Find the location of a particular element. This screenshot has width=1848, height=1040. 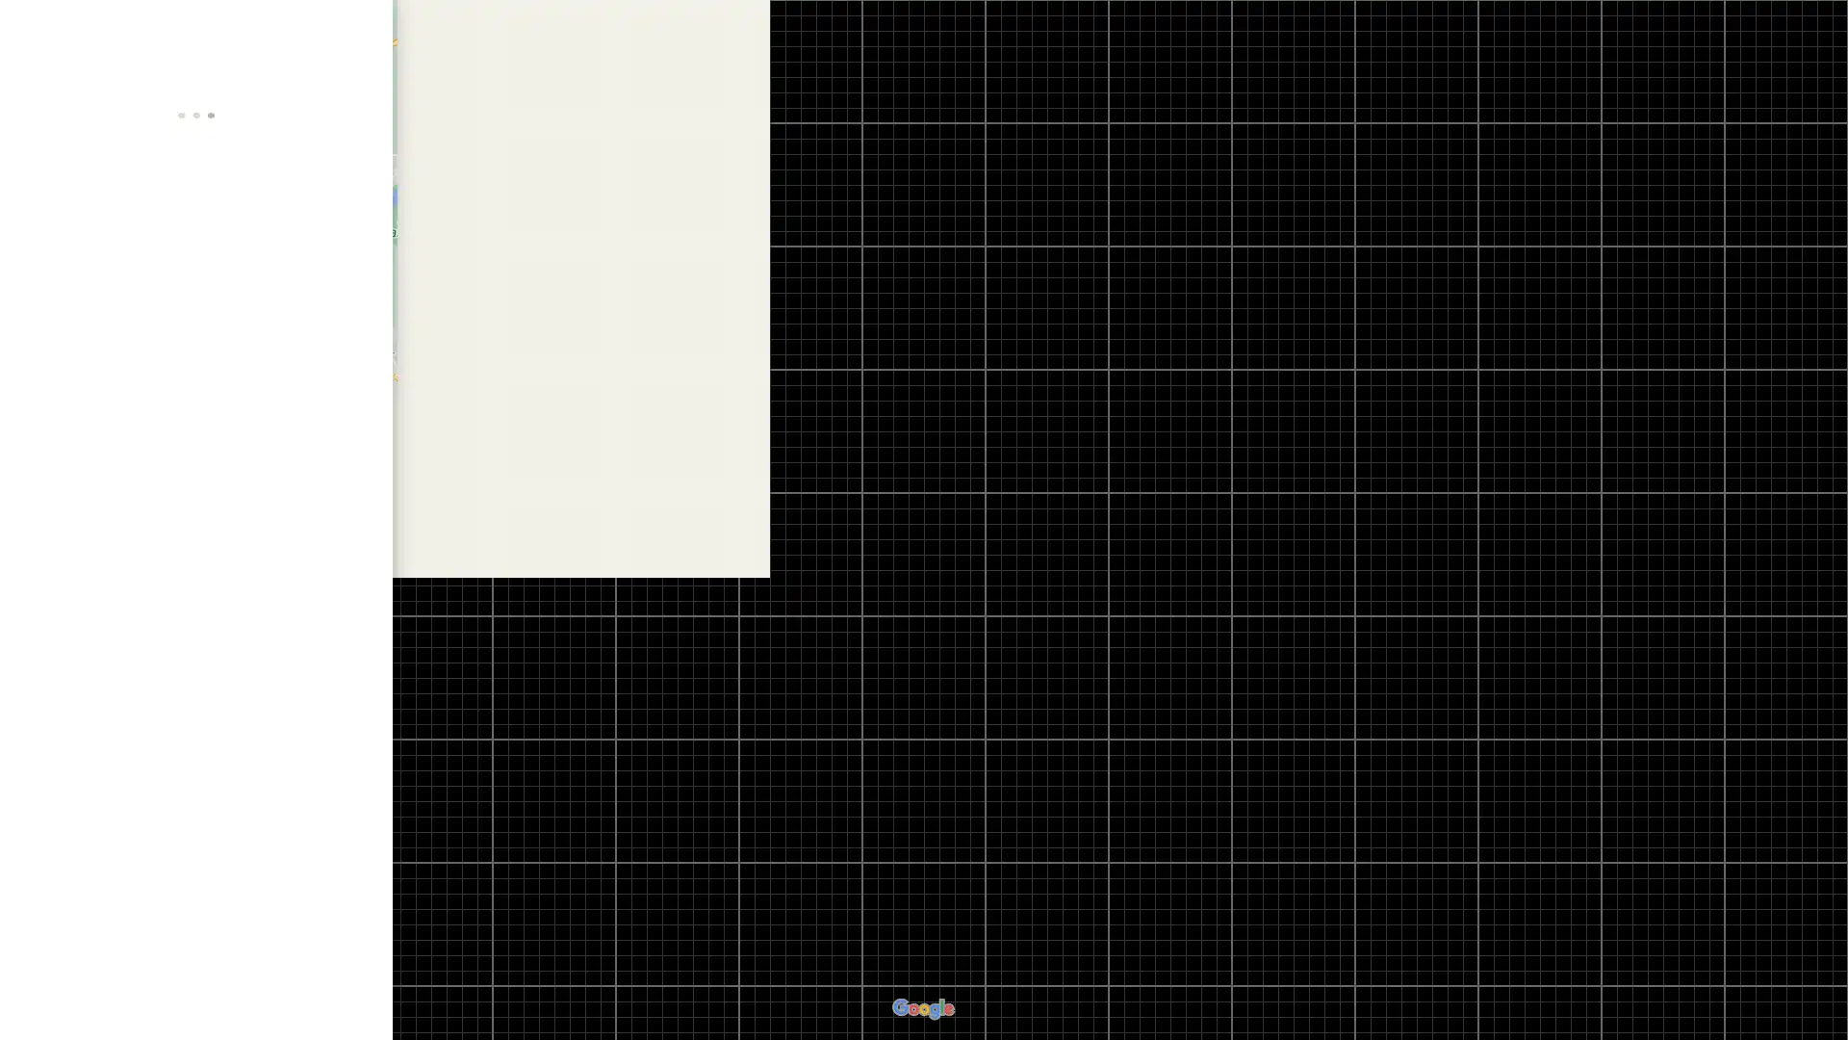

Copy phone number is located at coordinates (331, 560).